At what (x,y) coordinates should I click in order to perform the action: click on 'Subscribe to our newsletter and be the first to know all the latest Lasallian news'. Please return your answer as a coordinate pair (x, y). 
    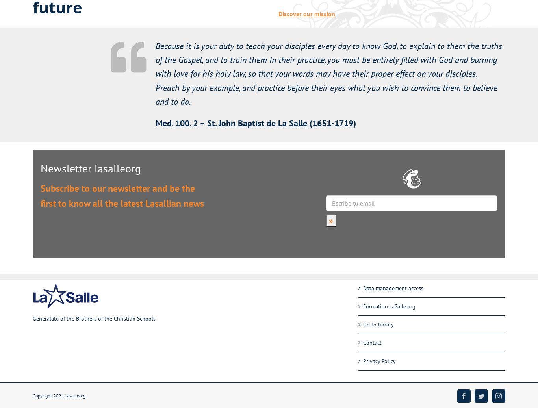
    Looking at the image, I should click on (40, 195).